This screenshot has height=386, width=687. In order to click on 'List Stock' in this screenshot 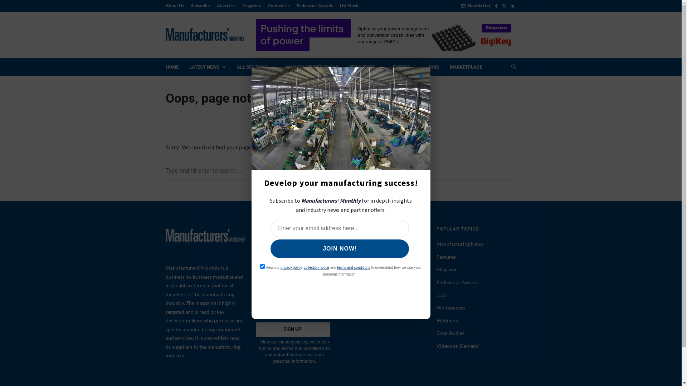, I will do `click(347, 5)`.